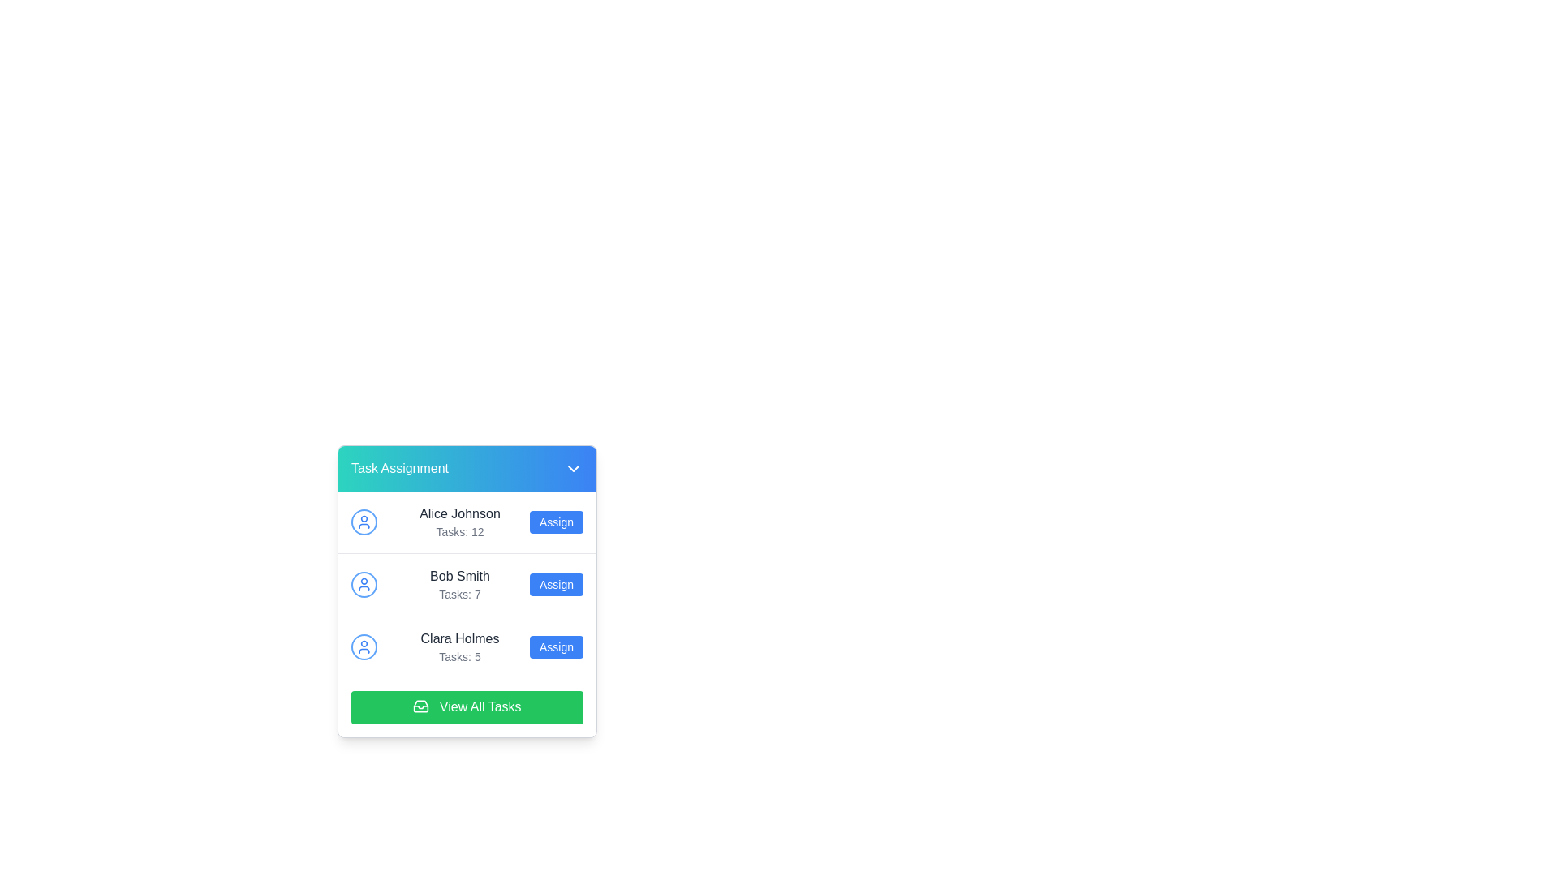  Describe the element at coordinates (364, 522) in the screenshot. I see `the user avatar icon, which is a circular outline with a blue color located to the left of 'Alice Johnson' in the task assignment interface` at that location.